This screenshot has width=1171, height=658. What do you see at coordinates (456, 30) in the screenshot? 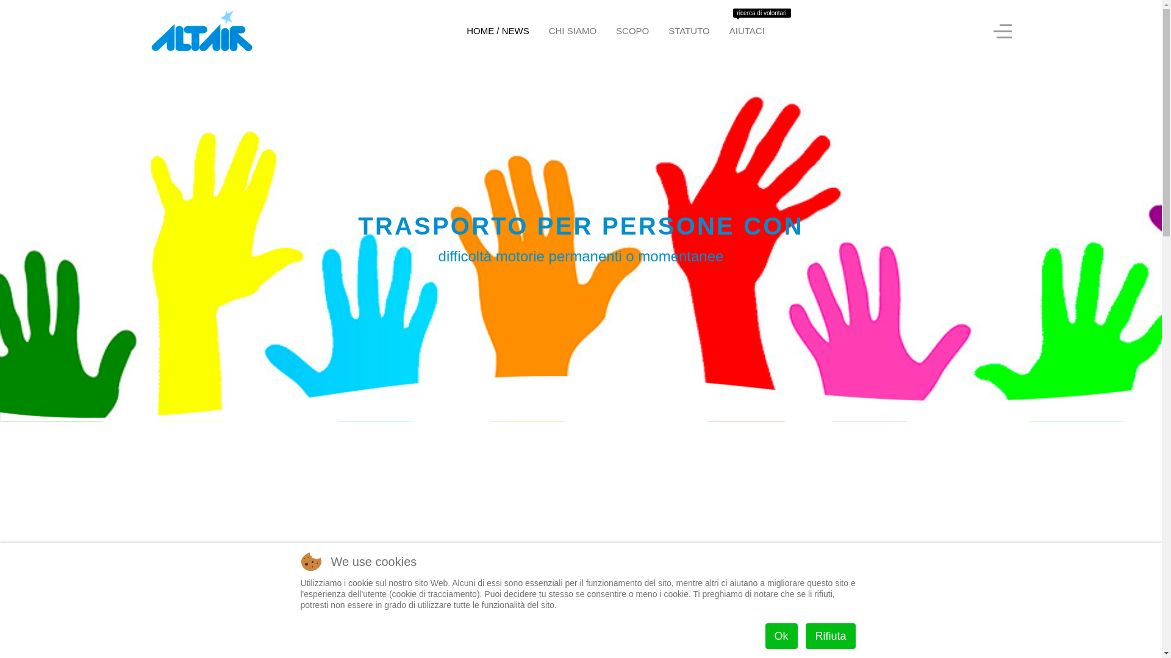
I see `'HOME / NEWS'` at bounding box center [456, 30].